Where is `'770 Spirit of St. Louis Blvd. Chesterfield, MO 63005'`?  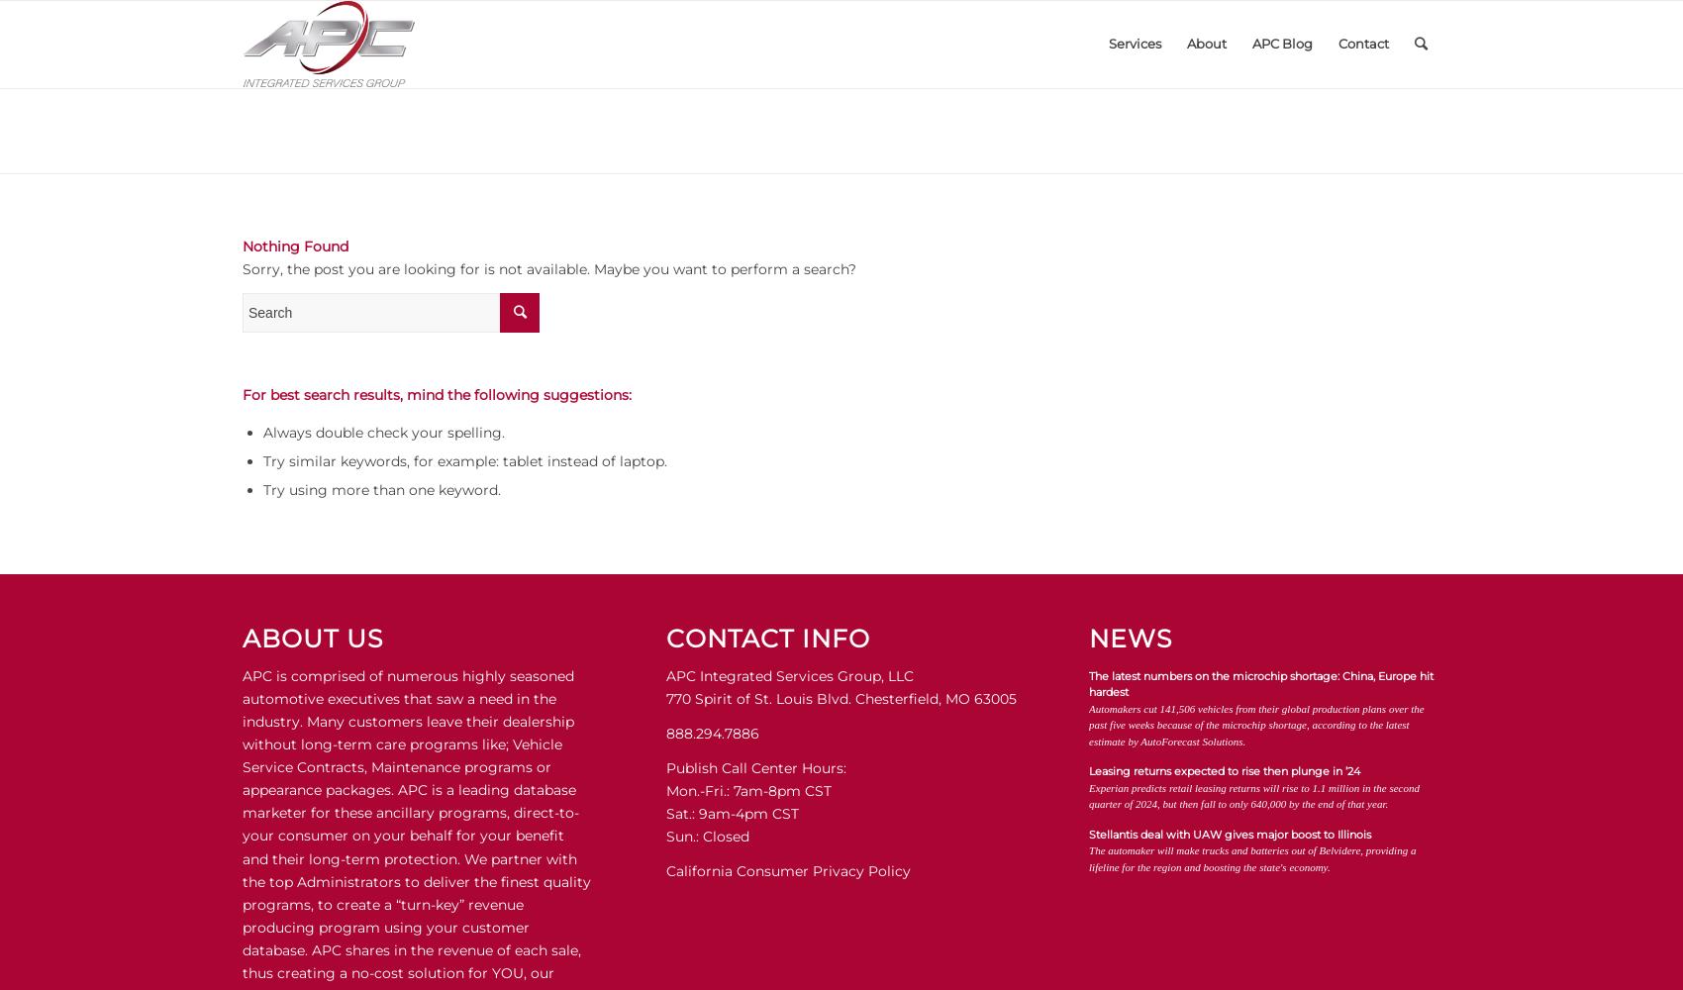 '770 Spirit of St. Louis Blvd. Chesterfield, MO 63005' is located at coordinates (839, 697).